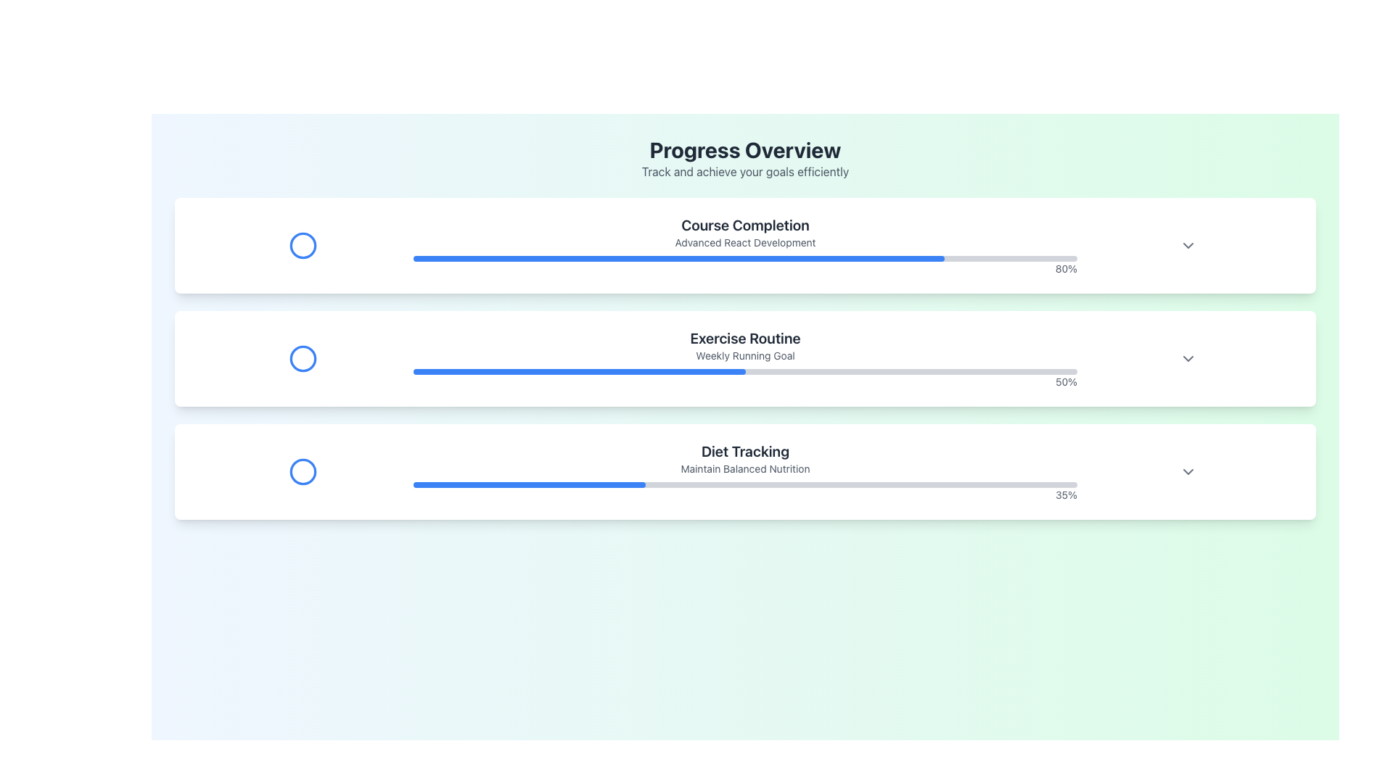 This screenshot has width=1393, height=783. Describe the element at coordinates (745, 258) in the screenshot. I see `the Progress Bar that visually represents the completion percentage in the 'Course Completion' row, located above the text '80%'` at that location.